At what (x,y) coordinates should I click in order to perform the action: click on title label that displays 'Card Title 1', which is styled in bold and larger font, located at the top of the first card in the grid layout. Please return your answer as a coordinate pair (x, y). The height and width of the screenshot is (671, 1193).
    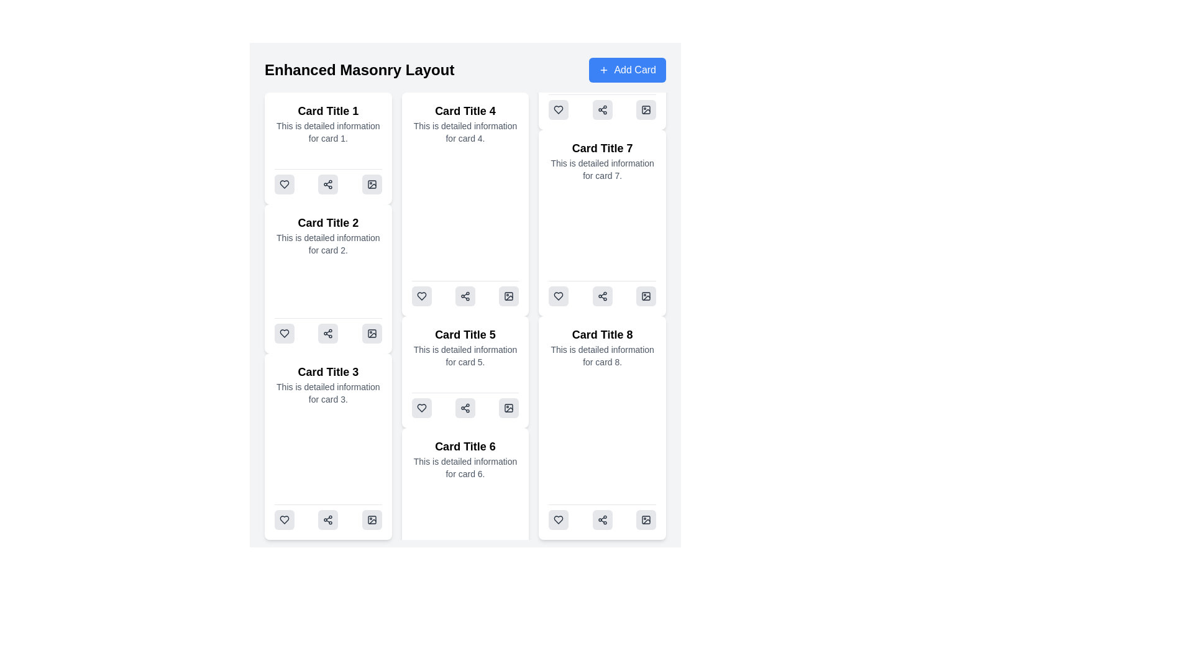
    Looking at the image, I should click on (328, 110).